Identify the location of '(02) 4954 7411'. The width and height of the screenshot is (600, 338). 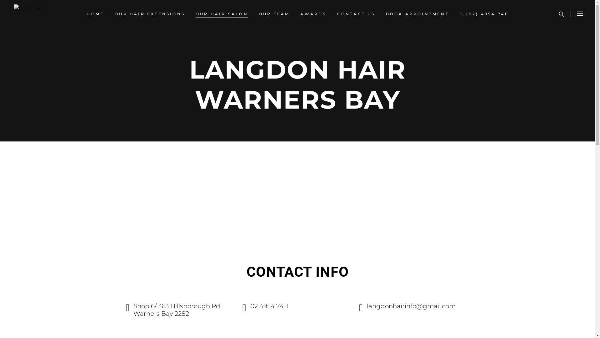
(454, 14).